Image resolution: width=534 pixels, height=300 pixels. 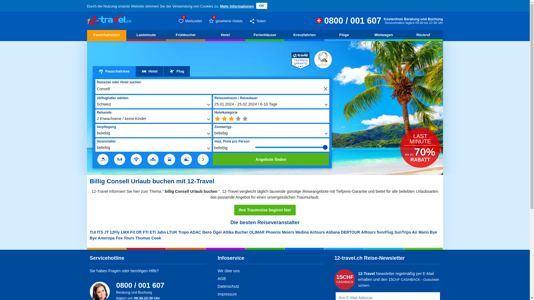 I want to click on 'Aldiana', so click(x=333, y=232).